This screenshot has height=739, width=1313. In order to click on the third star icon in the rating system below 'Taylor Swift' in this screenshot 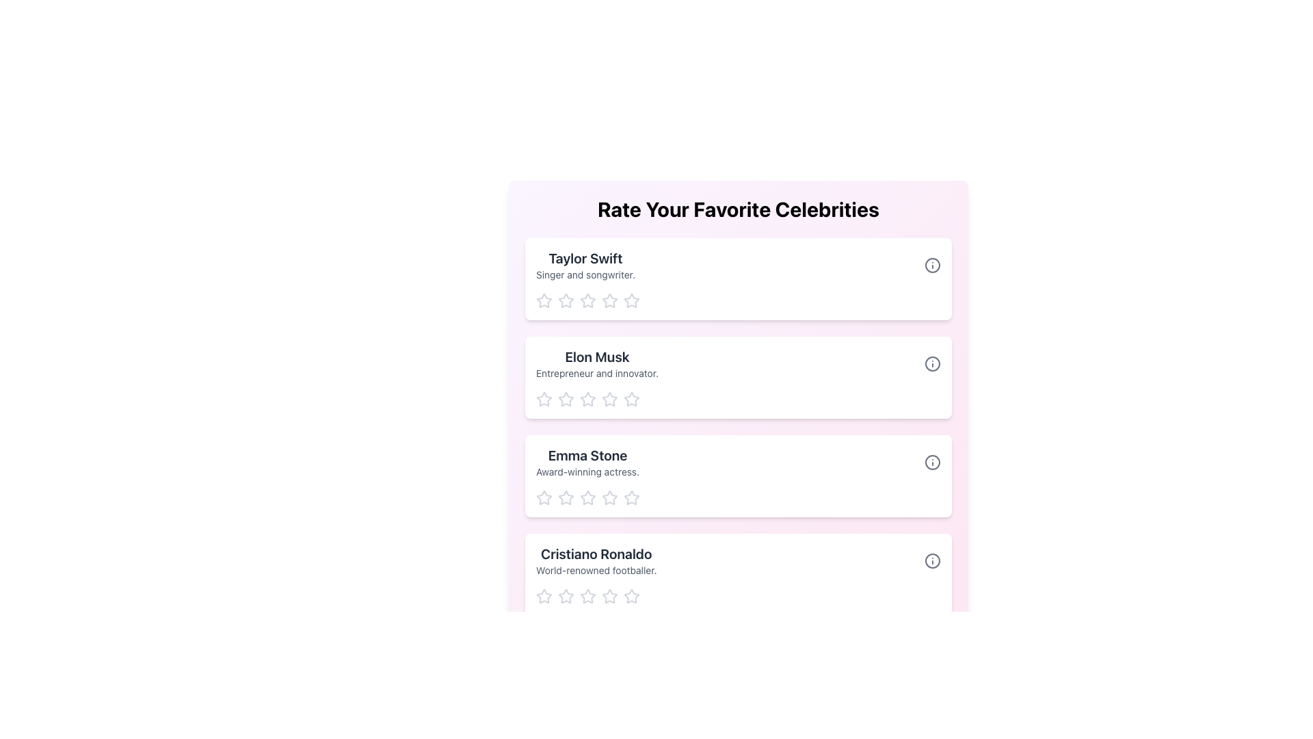, I will do `click(631, 300)`.